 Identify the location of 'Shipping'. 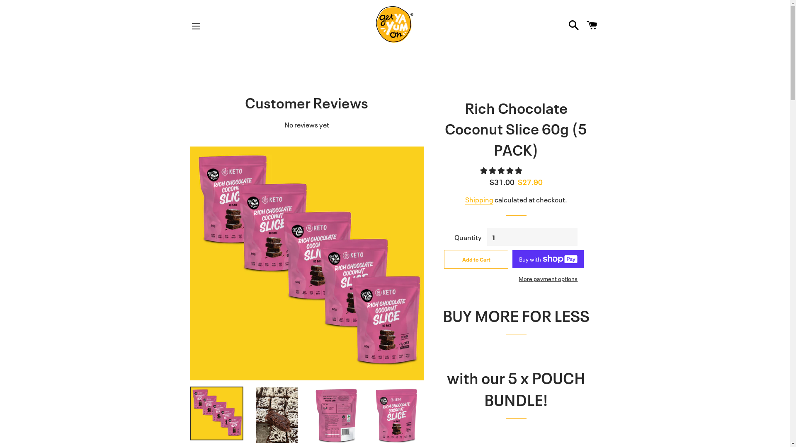
(479, 199).